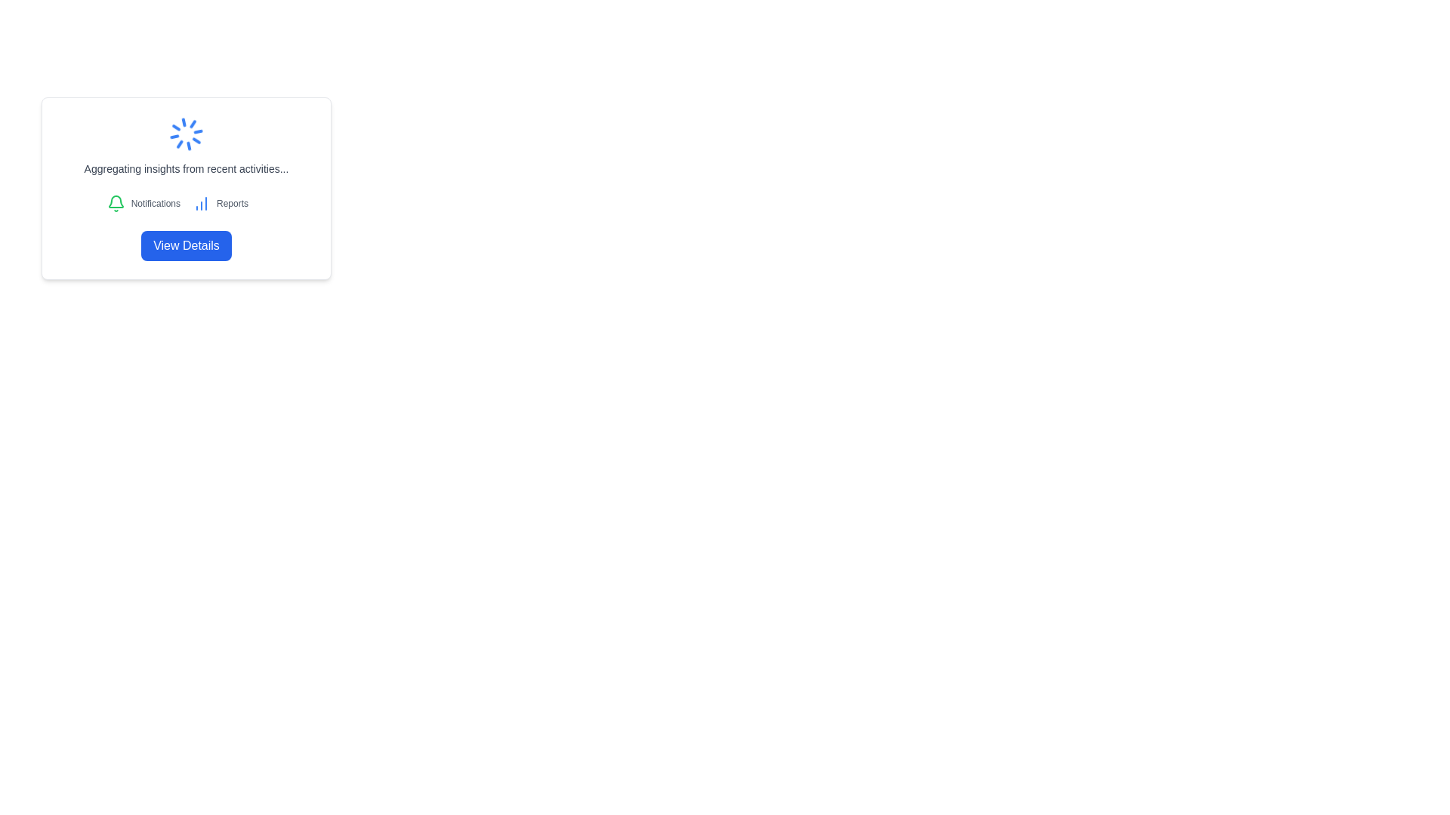 The width and height of the screenshot is (1450, 815). I want to click on the Notifications label with icon component, which is the first item in the top-left corner of the two-column grid layout, so click(143, 204).